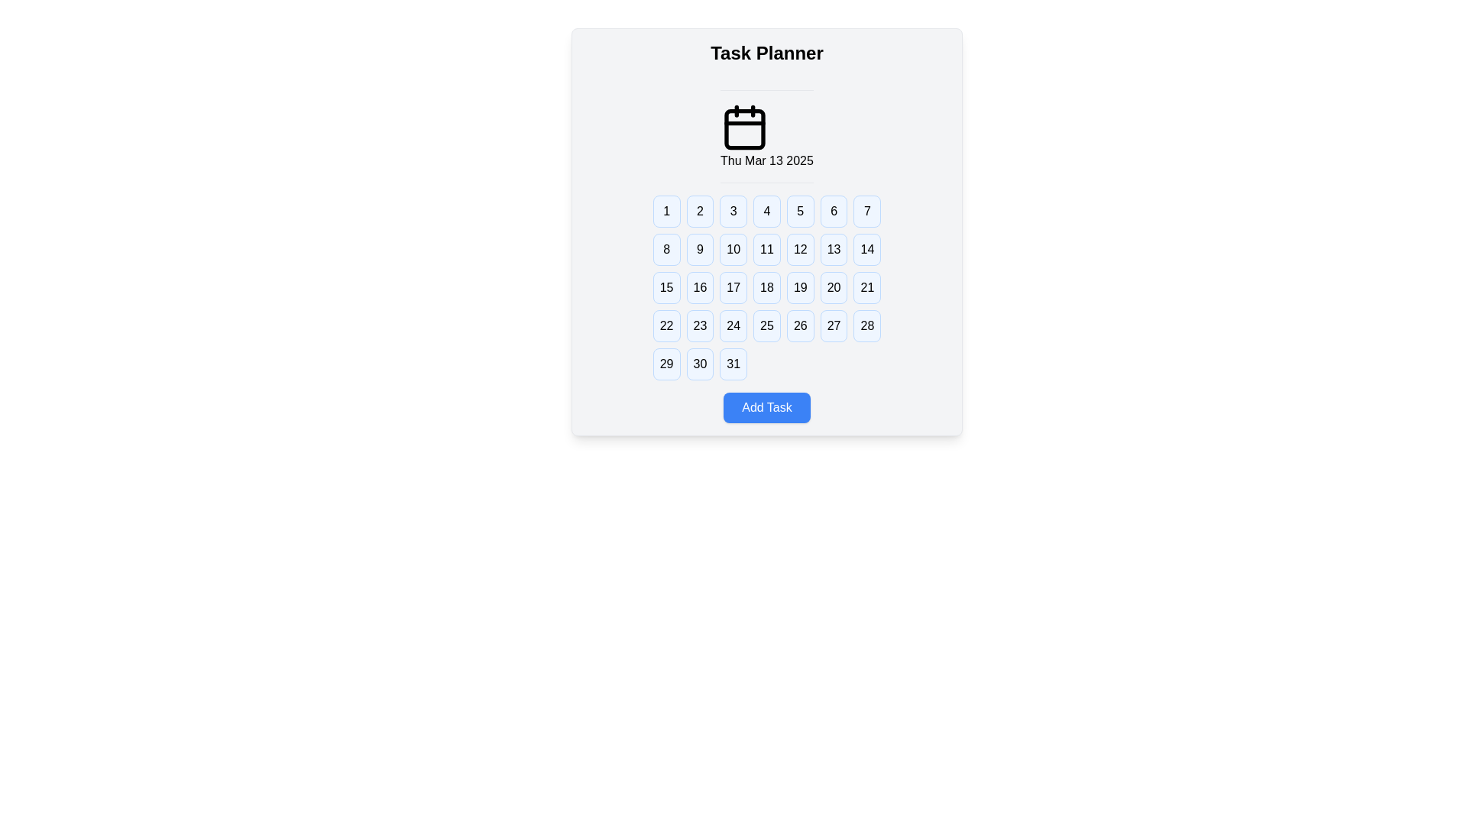 This screenshot has width=1467, height=825. Describe the element at coordinates (699, 212) in the screenshot. I see `the light blue button displaying the number '2' in the calendar grid layout` at that location.